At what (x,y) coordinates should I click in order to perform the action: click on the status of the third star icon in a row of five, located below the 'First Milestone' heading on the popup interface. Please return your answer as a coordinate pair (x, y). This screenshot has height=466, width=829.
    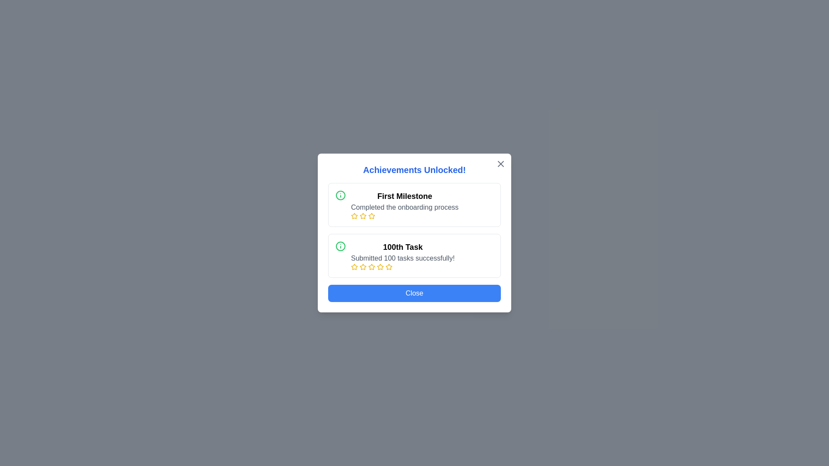
    Looking at the image, I should click on (363, 216).